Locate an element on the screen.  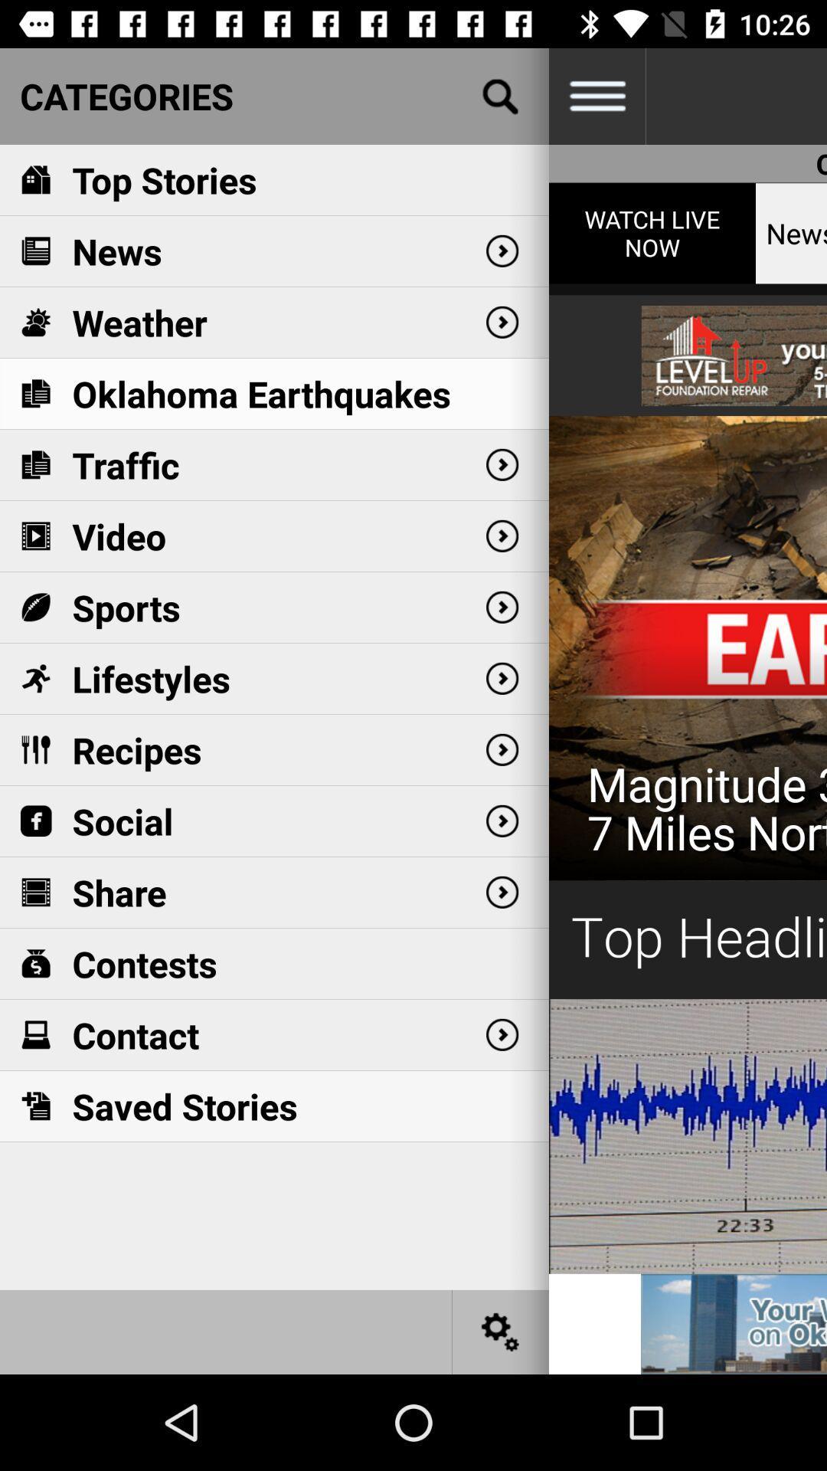
the adverisment is located at coordinates (687, 727).